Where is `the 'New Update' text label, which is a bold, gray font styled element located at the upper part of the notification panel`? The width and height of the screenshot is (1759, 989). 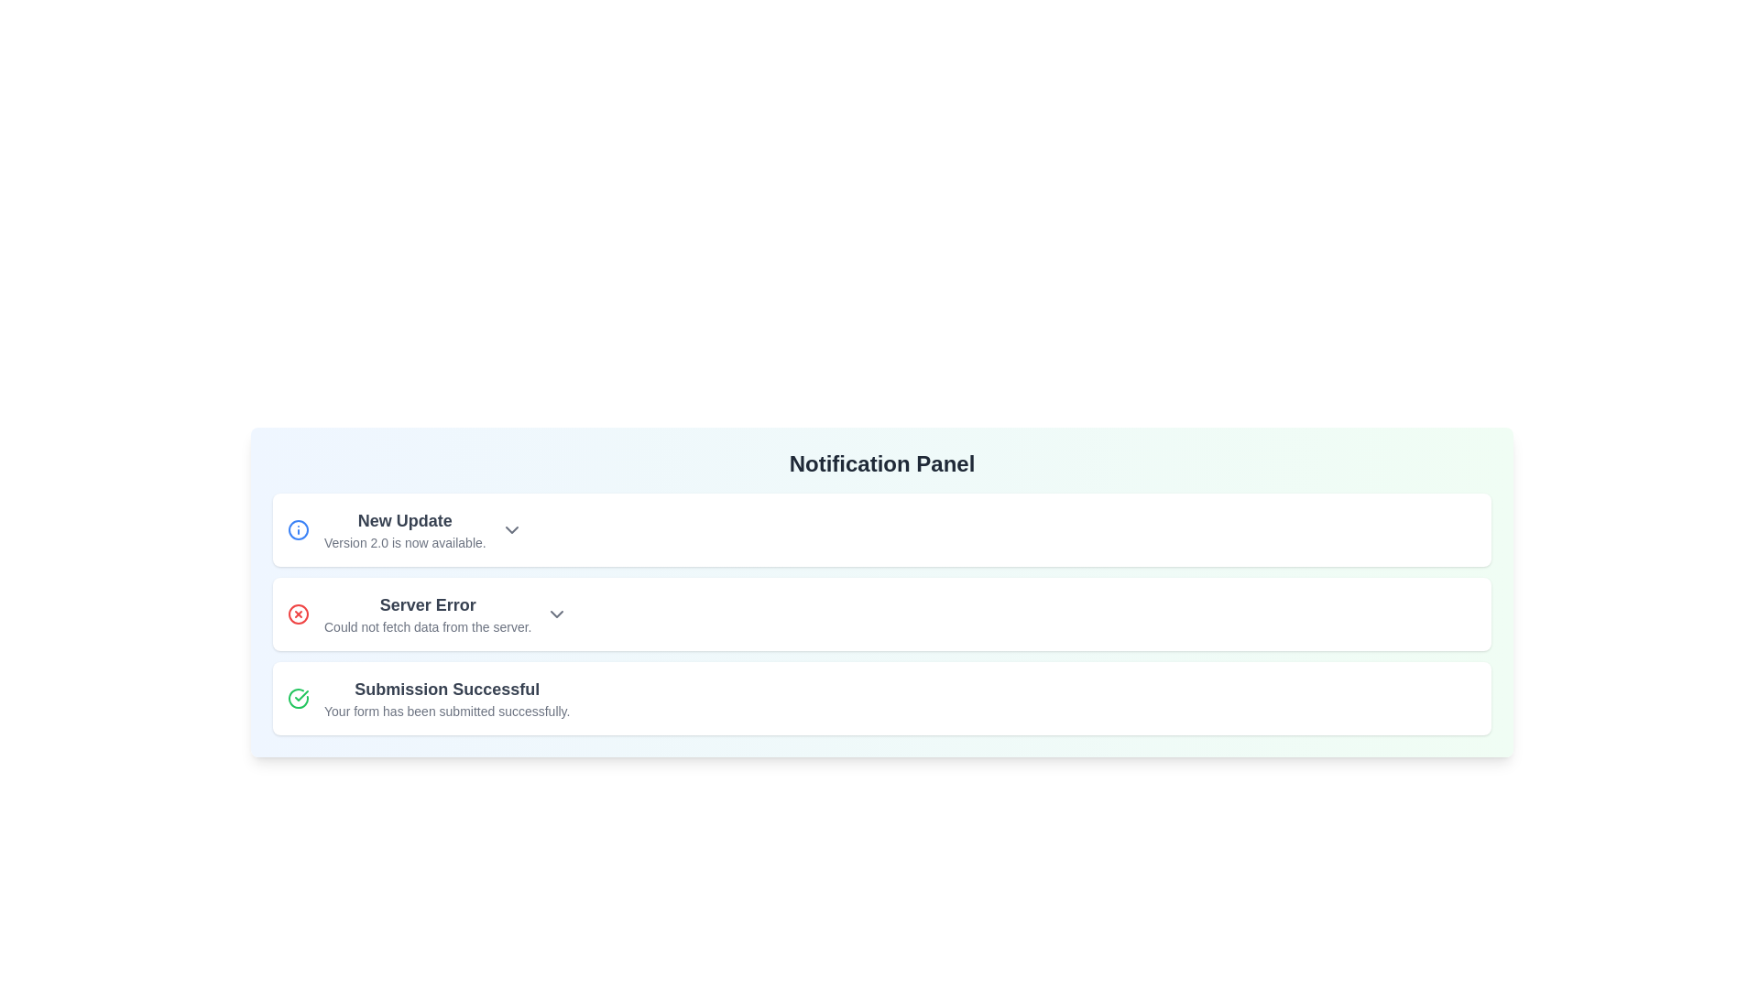 the 'New Update' text label, which is a bold, gray font styled element located at the upper part of the notification panel is located at coordinates (404, 521).